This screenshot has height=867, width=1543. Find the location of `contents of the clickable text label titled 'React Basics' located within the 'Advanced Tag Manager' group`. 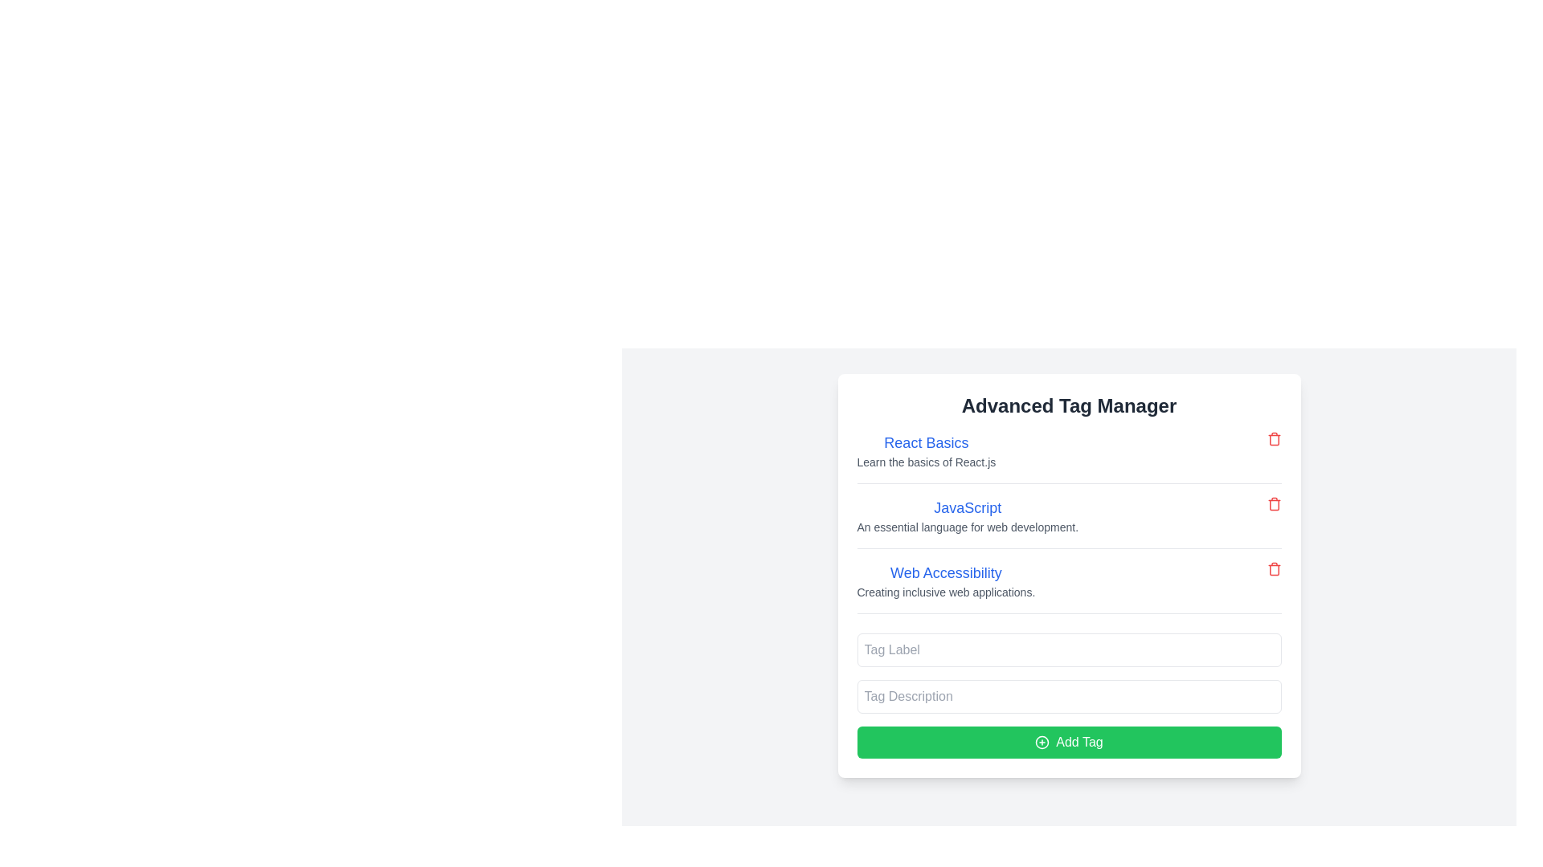

contents of the clickable text label titled 'React Basics' located within the 'Advanced Tag Manager' group is located at coordinates (926, 442).